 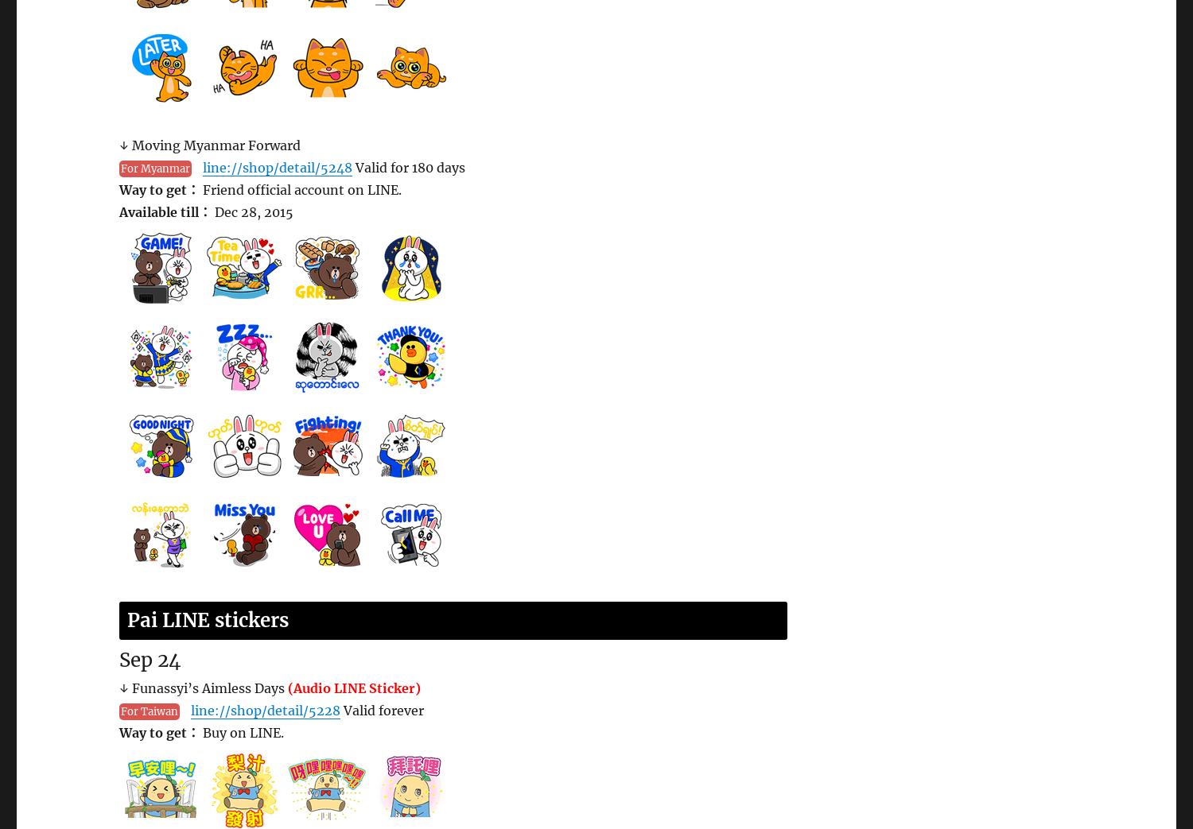 I want to click on 'line://shop/detail/5228', so click(x=190, y=710).